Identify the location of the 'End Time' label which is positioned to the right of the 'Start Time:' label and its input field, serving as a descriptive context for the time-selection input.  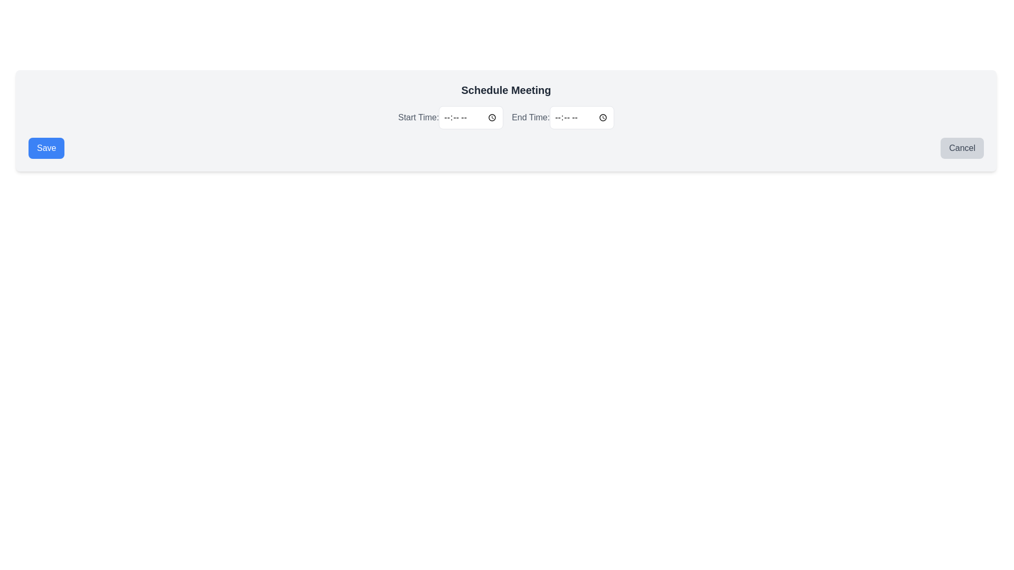
(531, 117).